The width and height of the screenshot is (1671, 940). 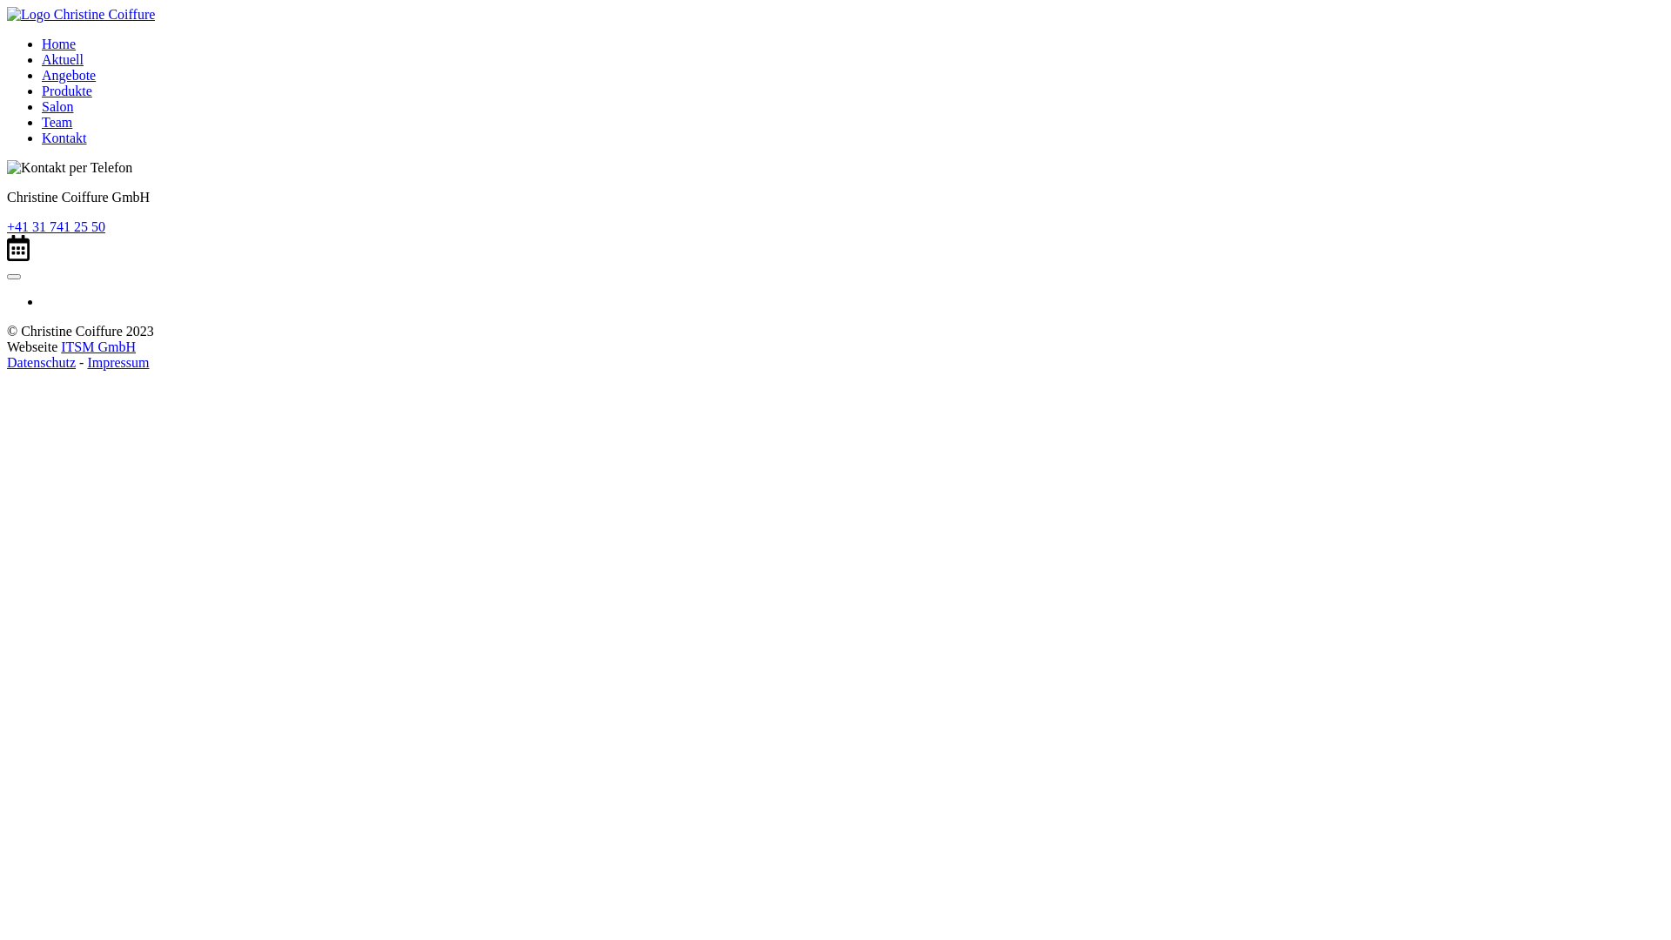 What do you see at coordinates (58, 43) in the screenshot?
I see `'Home'` at bounding box center [58, 43].